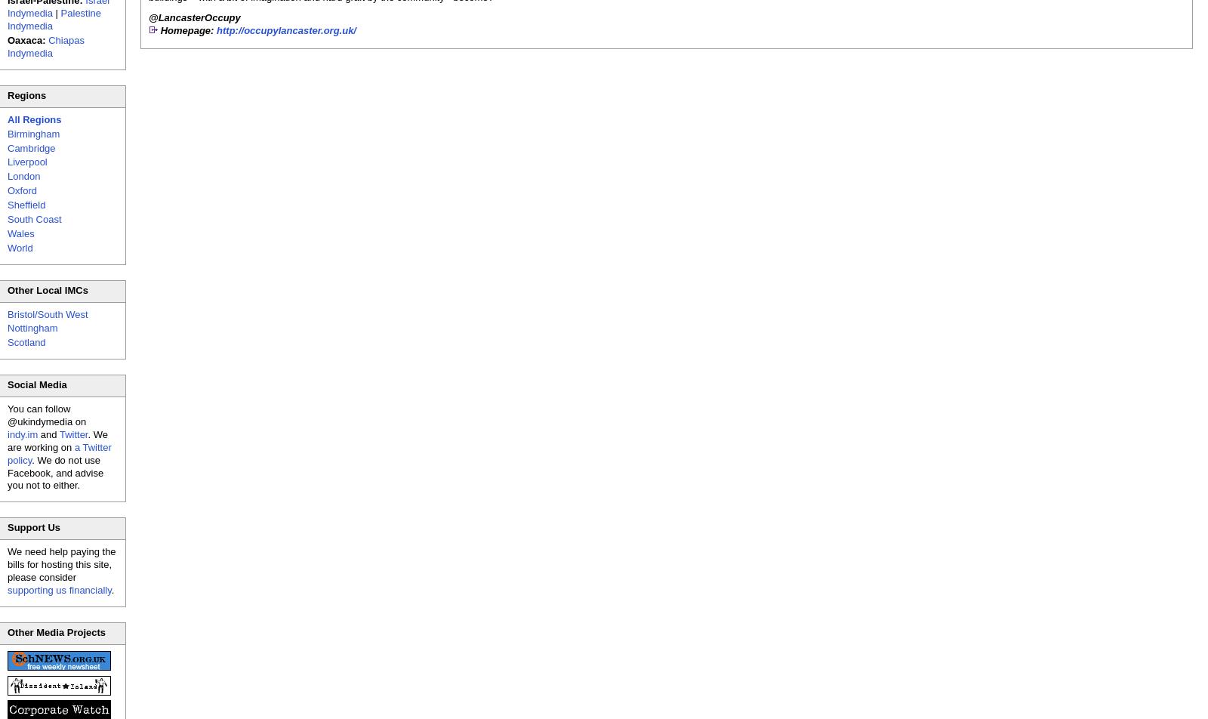  I want to click on 'Social Media', so click(35, 384).